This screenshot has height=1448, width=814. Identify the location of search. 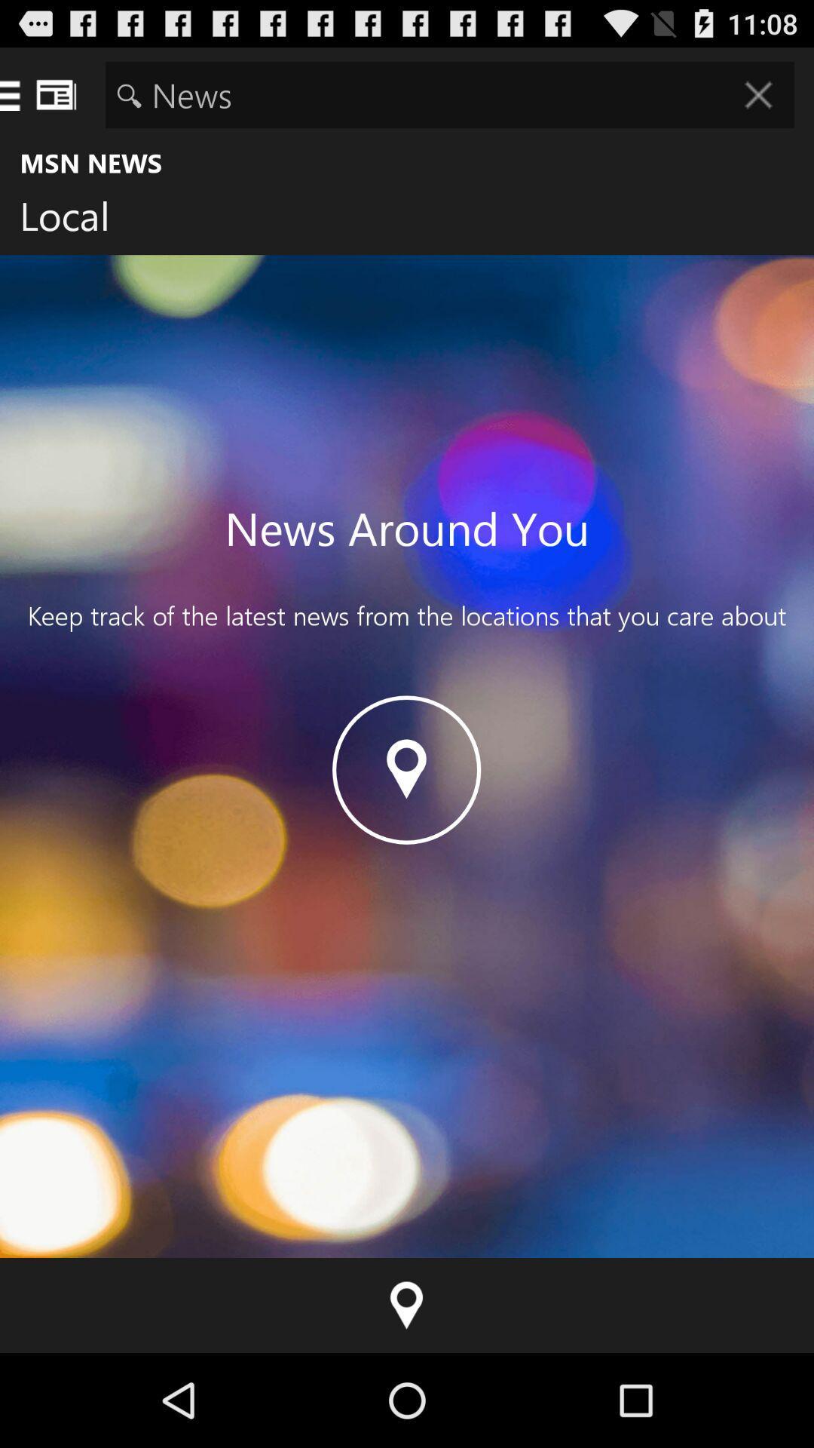
(449, 94).